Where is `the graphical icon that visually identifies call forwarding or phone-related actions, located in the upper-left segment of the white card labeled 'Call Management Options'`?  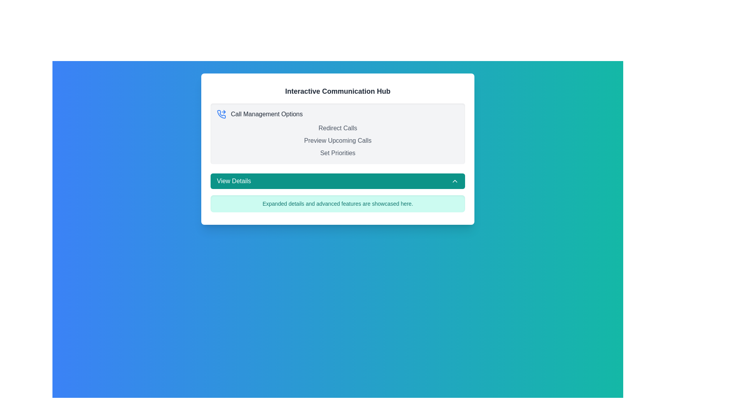
the graphical icon that visually identifies call forwarding or phone-related actions, located in the upper-left segment of the white card labeled 'Call Management Options' is located at coordinates (221, 114).